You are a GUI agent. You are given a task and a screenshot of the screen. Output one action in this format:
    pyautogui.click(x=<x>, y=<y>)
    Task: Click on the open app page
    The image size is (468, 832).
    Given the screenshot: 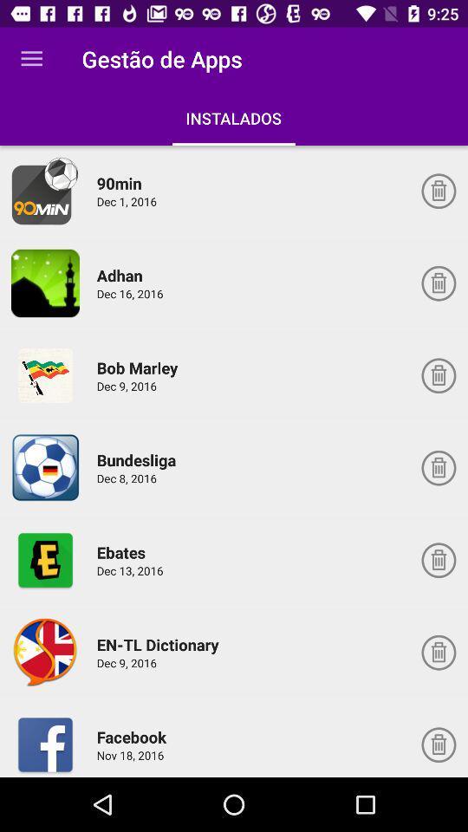 What is the action you would take?
    pyautogui.click(x=45, y=467)
    